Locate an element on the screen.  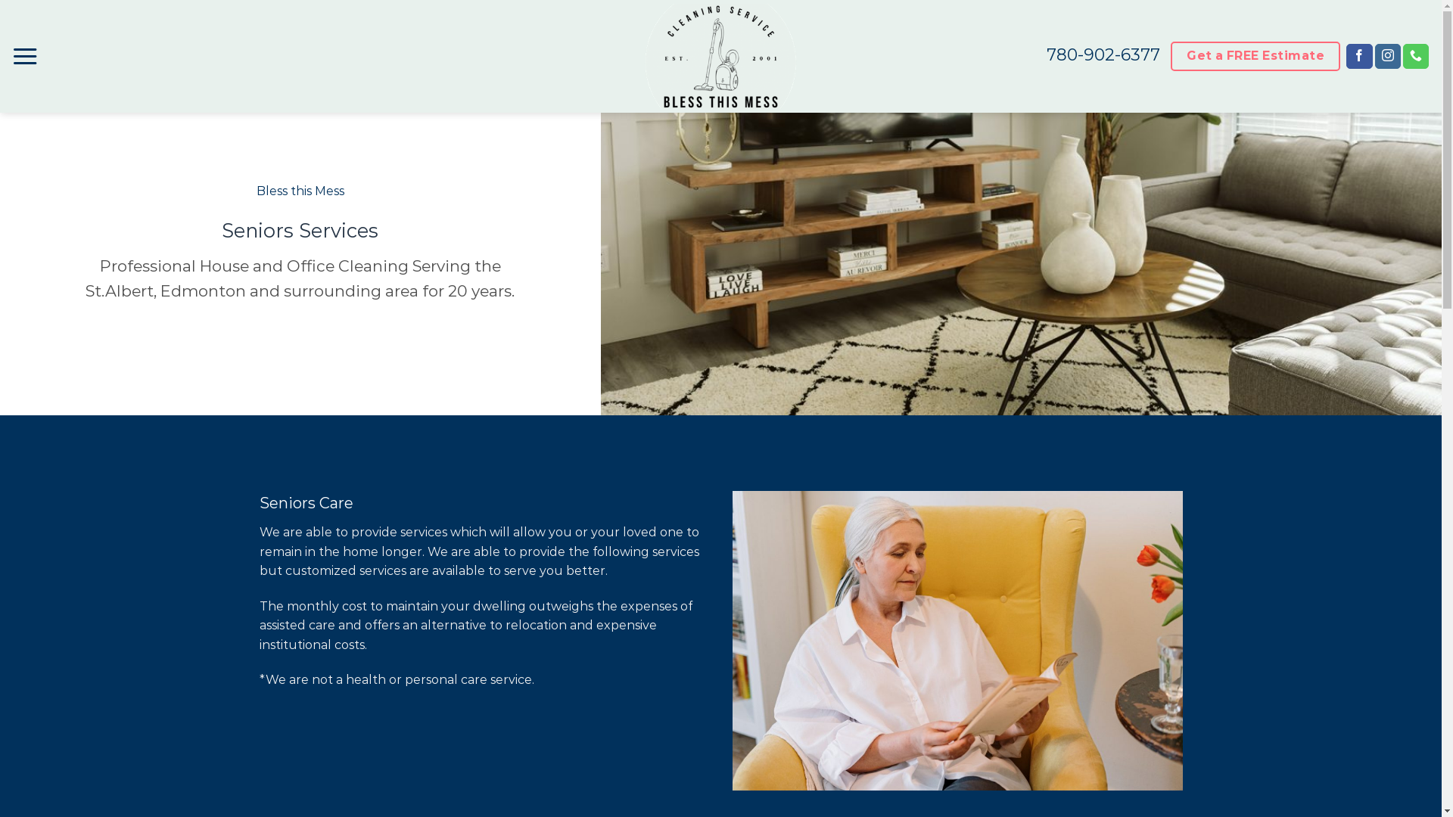
'Call us' is located at coordinates (1415, 55).